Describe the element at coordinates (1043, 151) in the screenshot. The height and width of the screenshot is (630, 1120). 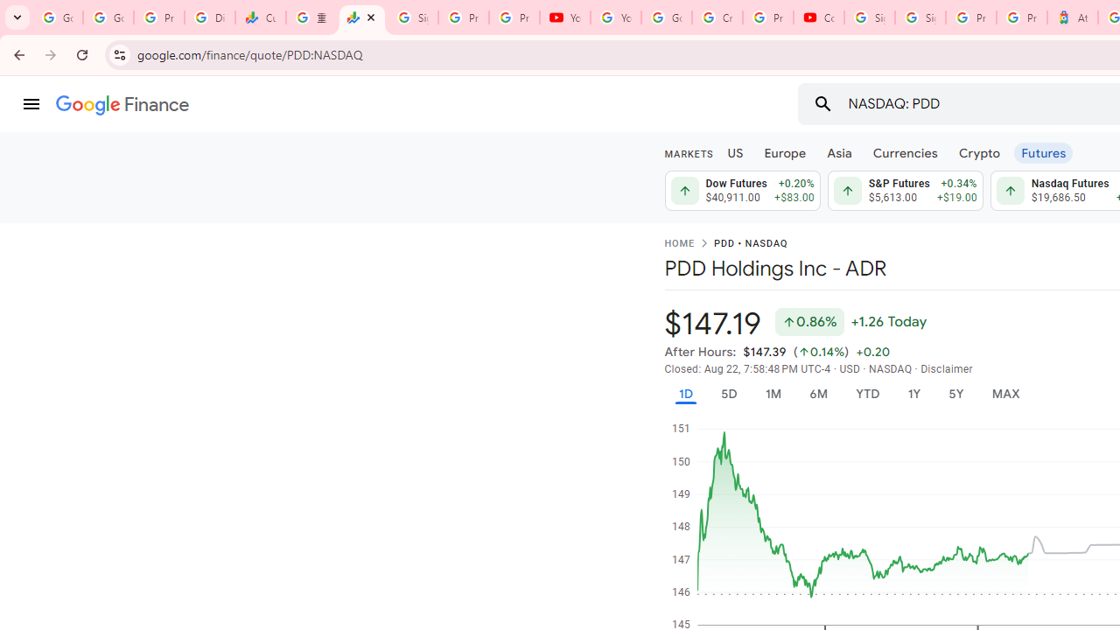
I see `'Futures'` at that location.